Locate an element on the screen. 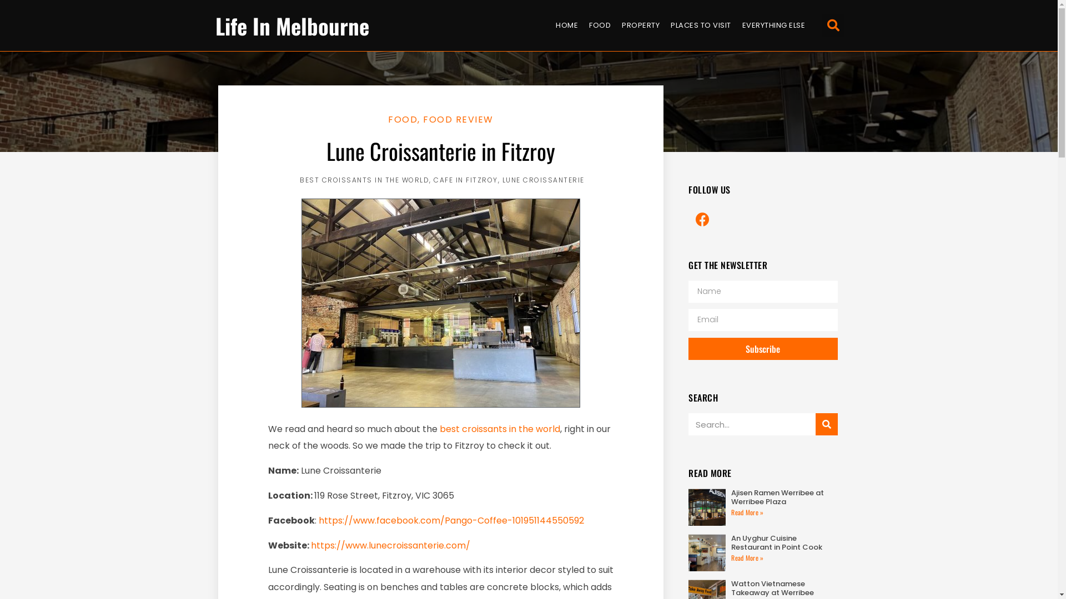 This screenshot has width=1066, height=599. 'HOME' is located at coordinates (567, 25).